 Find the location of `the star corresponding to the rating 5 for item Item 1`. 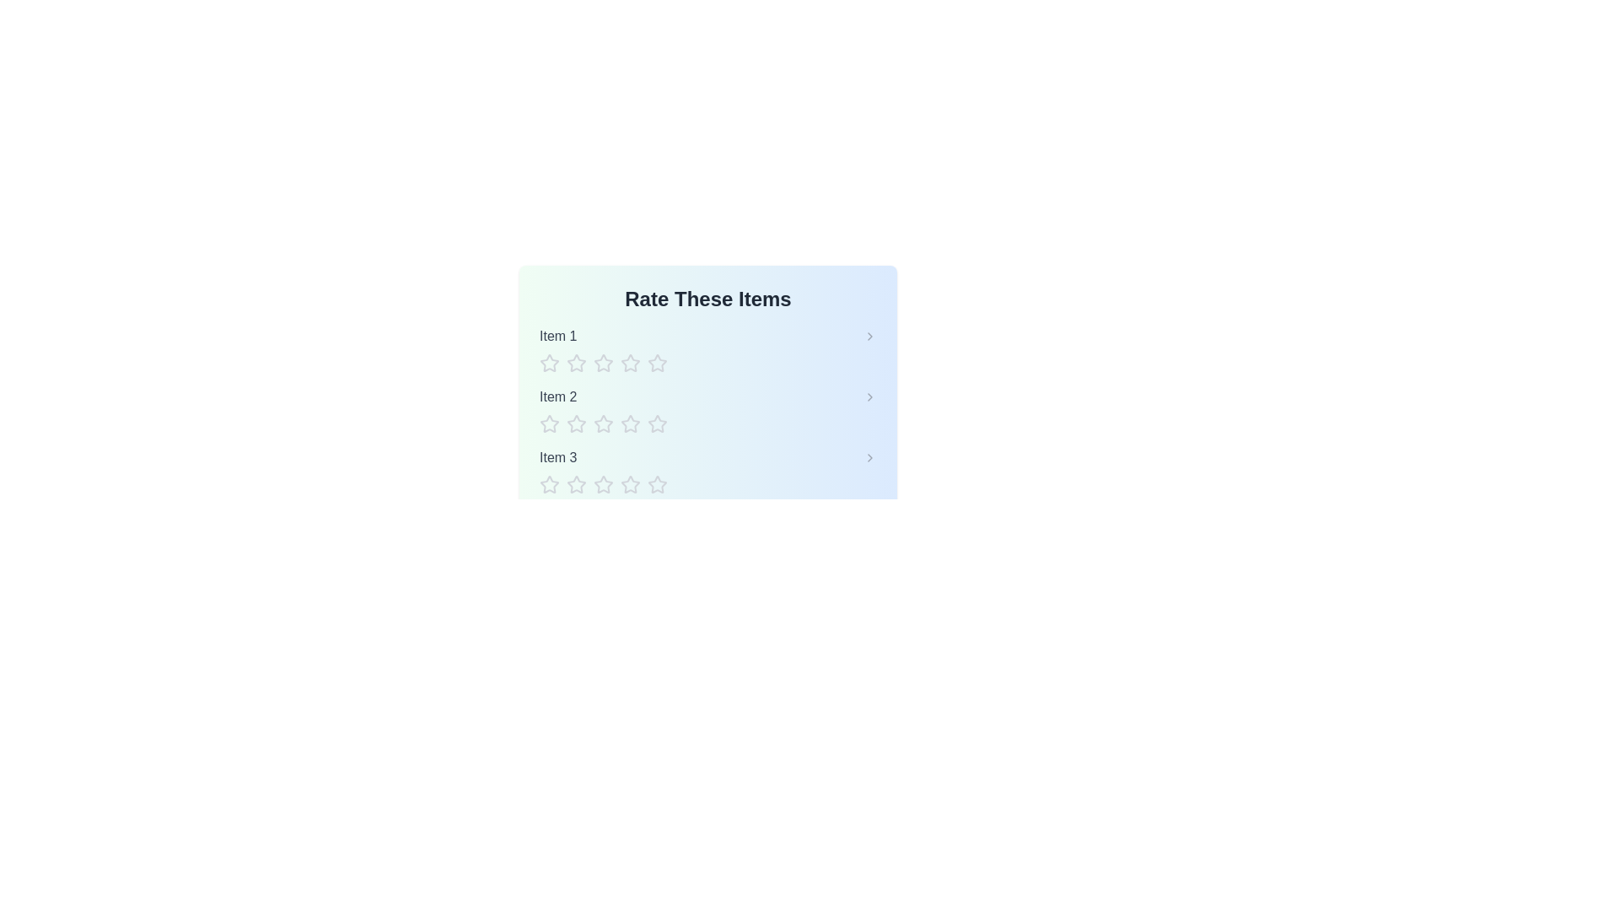

the star corresponding to the rating 5 for item Item 1 is located at coordinates (656, 363).